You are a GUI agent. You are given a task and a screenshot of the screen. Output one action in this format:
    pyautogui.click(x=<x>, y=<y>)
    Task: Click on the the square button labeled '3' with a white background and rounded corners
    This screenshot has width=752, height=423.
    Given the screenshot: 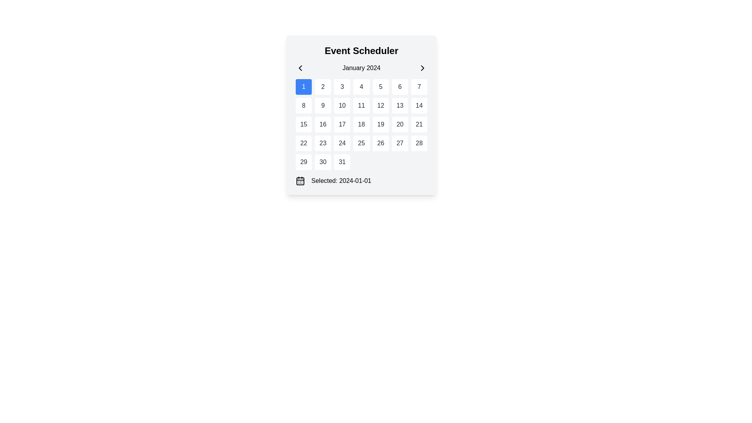 What is the action you would take?
    pyautogui.click(x=342, y=87)
    